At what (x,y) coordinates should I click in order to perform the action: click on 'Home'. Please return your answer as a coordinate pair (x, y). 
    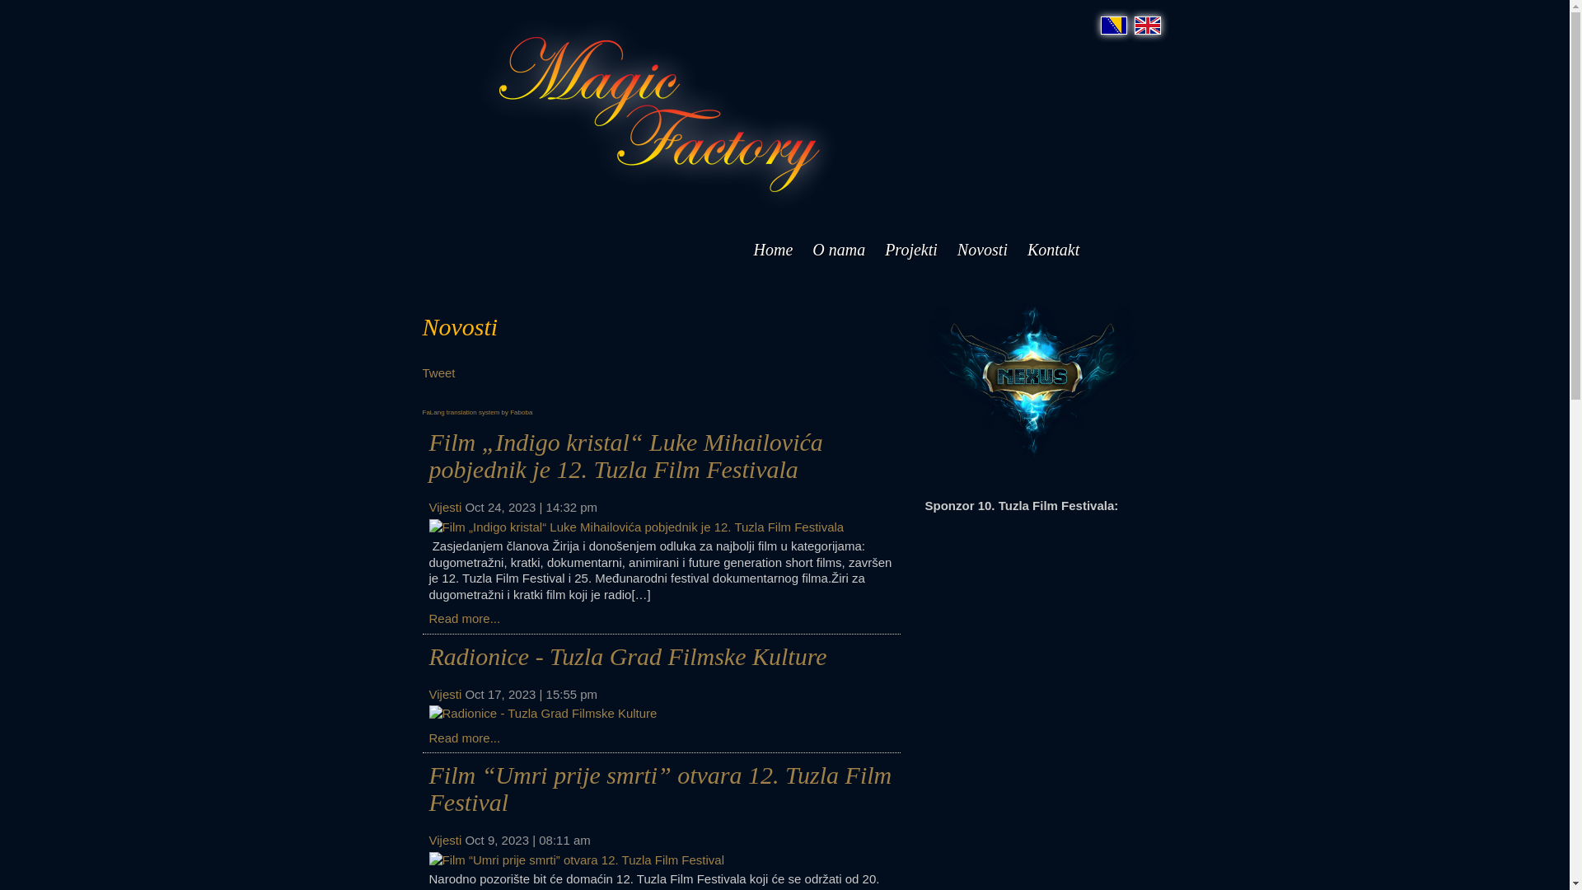
    Looking at the image, I should click on (771, 250).